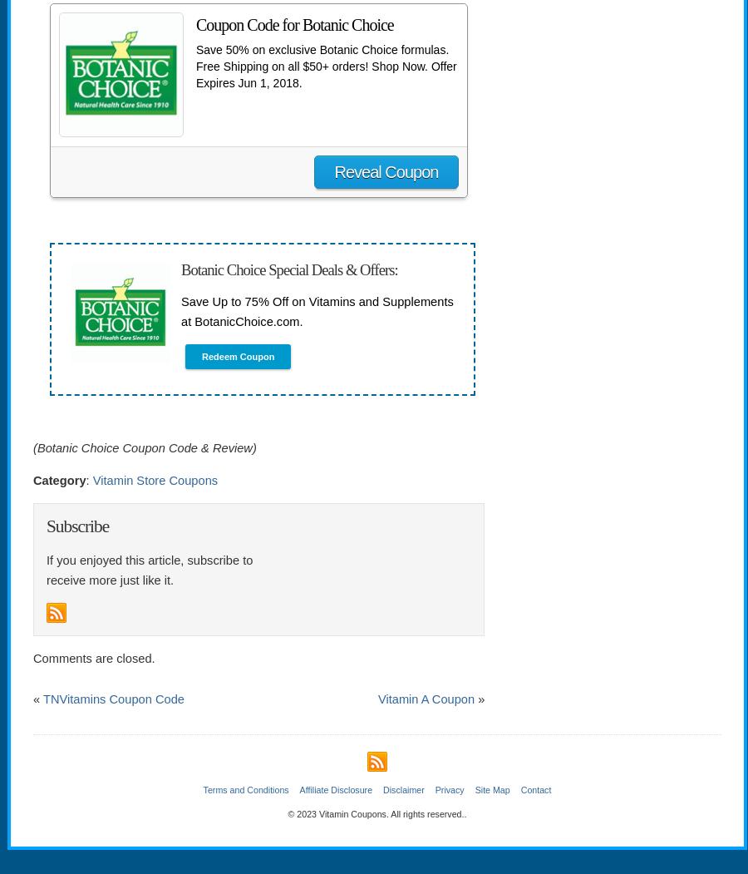  What do you see at coordinates (45, 570) in the screenshot?
I see `'If you enjoyed this article, subscribe to receive more just like it.'` at bounding box center [45, 570].